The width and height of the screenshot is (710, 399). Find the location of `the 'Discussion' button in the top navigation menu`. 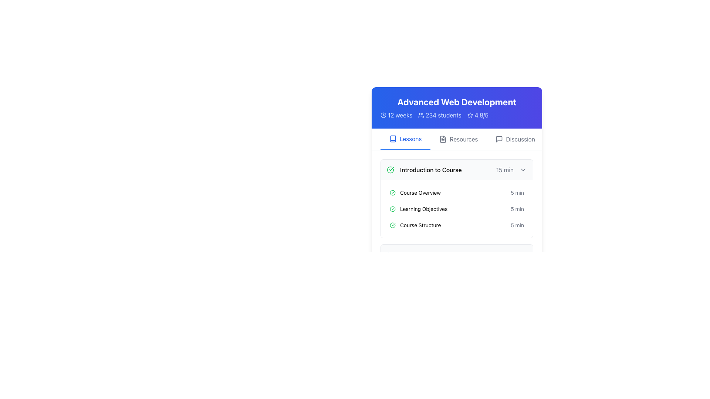

the 'Discussion' button in the top navigation menu is located at coordinates (515, 139).